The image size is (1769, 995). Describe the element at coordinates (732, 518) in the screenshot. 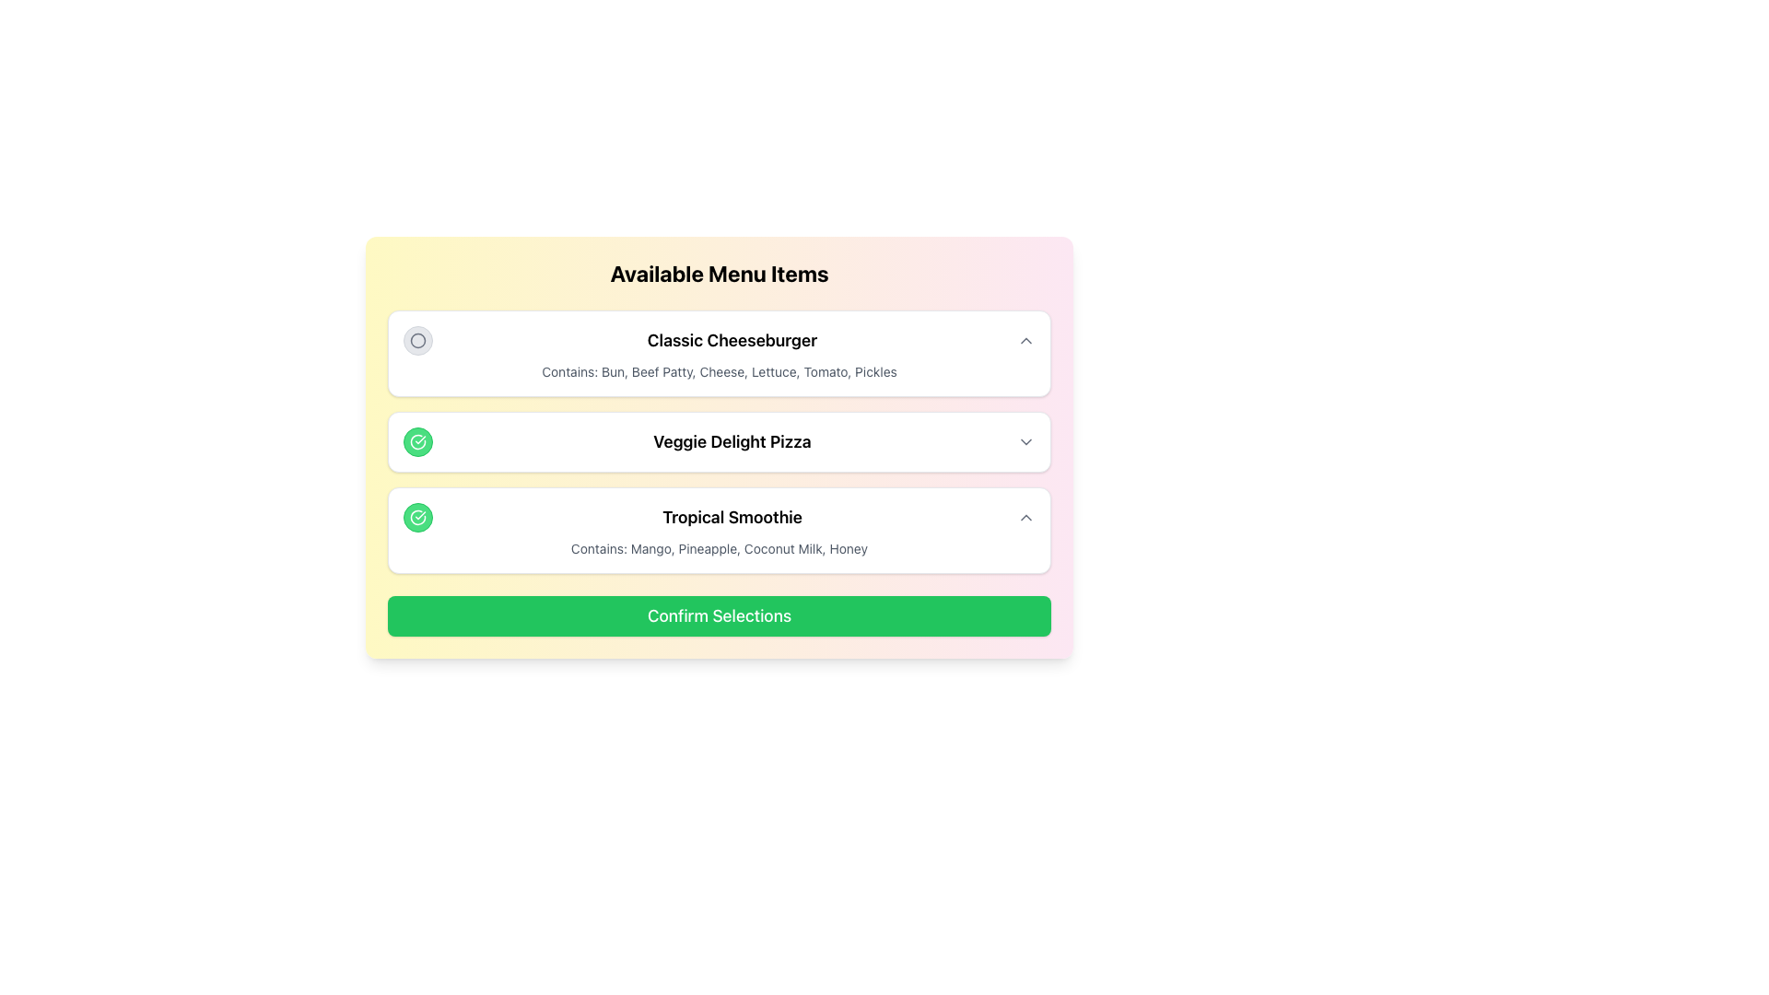

I see `the 'Tropical Smoothie' text label, which is the third item in a vertical list of menu items, styled in bold and centrally located within its row` at that location.